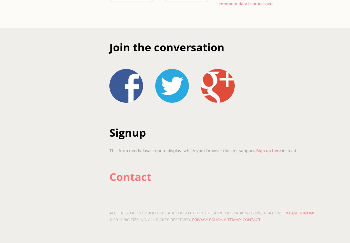 This screenshot has height=243, width=350. What do you see at coordinates (109, 219) in the screenshot?
I see `'© 2013 Big Fizz Inc. All Rights Reserved.'` at bounding box center [109, 219].